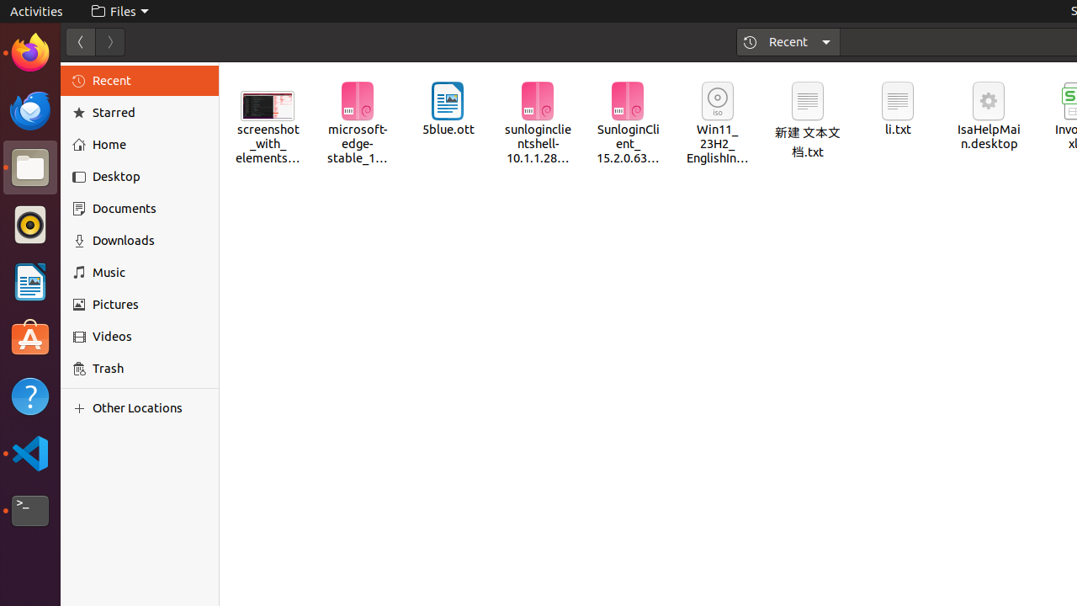  What do you see at coordinates (150, 144) in the screenshot?
I see `'Home'` at bounding box center [150, 144].